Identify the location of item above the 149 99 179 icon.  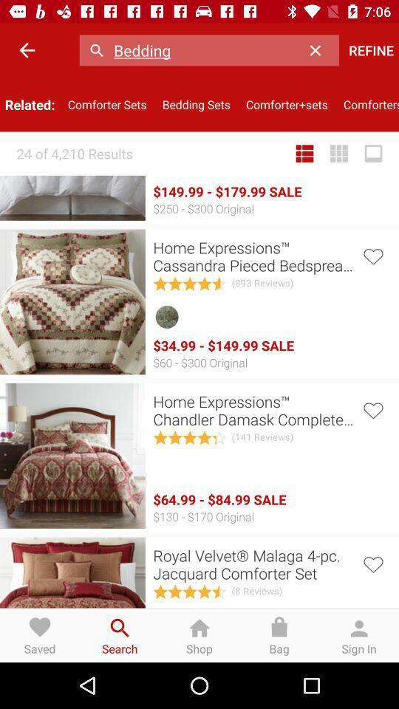
(304, 154).